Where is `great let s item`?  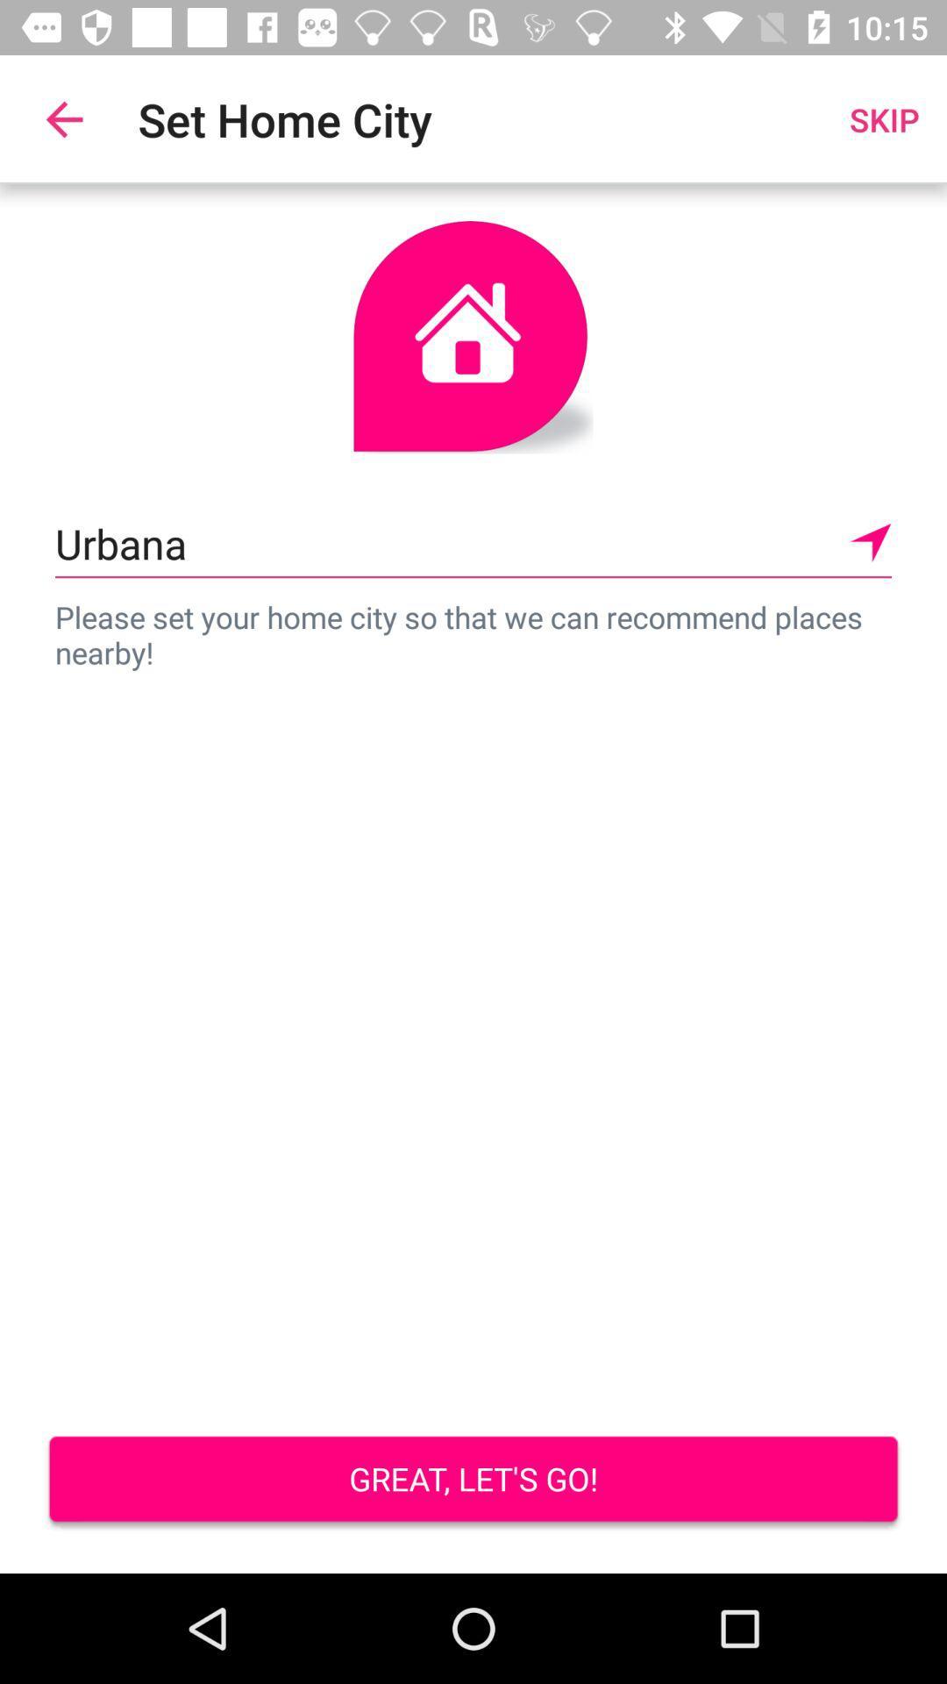 great let s item is located at coordinates (473, 1481).